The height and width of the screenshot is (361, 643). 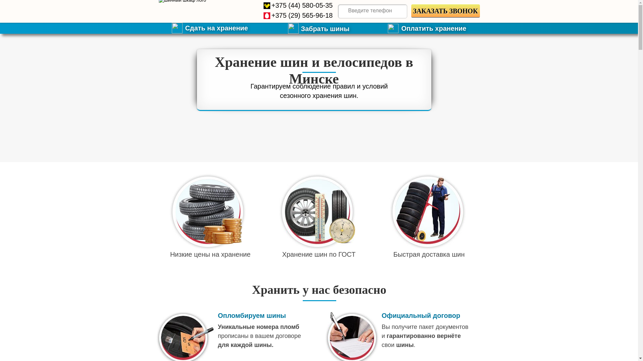 What do you see at coordinates (207, 212) in the screenshot?
I see `'animate fade s1 d1'` at bounding box center [207, 212].